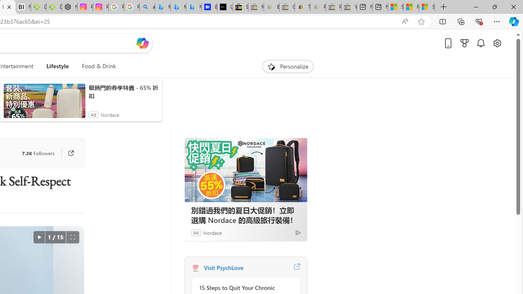 The width and height of the screenshot is (523, 294). What do you see at coordinates (240, 7) in the screenshot?
I see `'Selling on eBay | Electronics, Fashion, Home & Garden | eBay'` at bounding box center [240, 7].